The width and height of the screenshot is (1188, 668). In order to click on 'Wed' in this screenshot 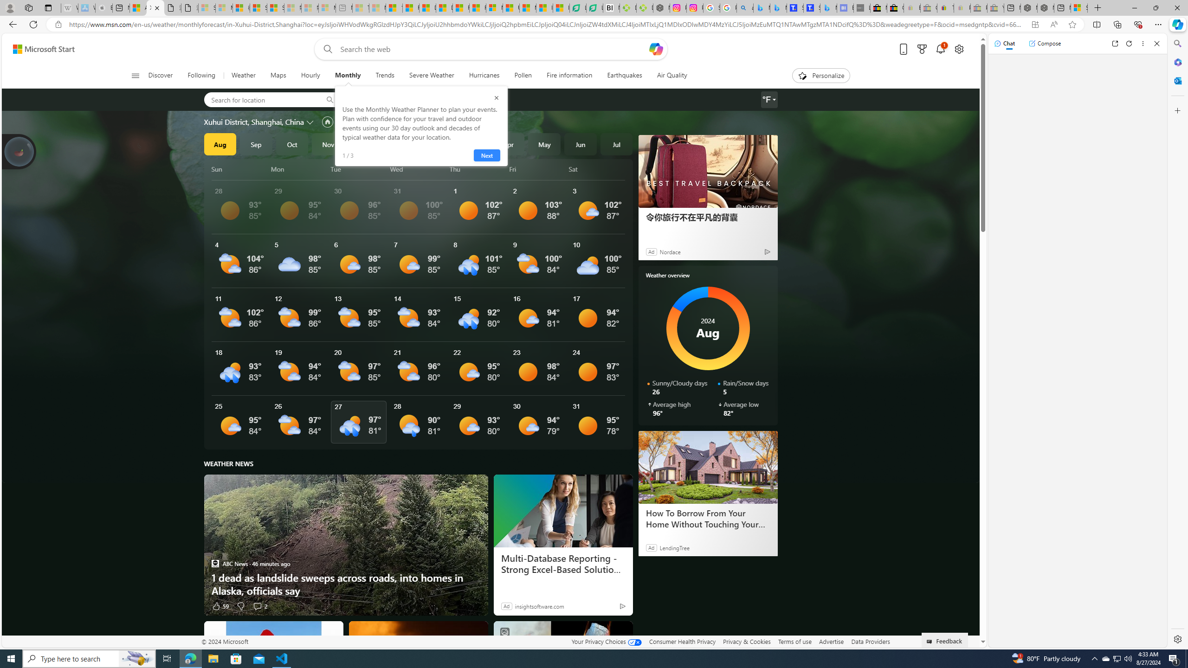, I will do `click(418, 169)`.